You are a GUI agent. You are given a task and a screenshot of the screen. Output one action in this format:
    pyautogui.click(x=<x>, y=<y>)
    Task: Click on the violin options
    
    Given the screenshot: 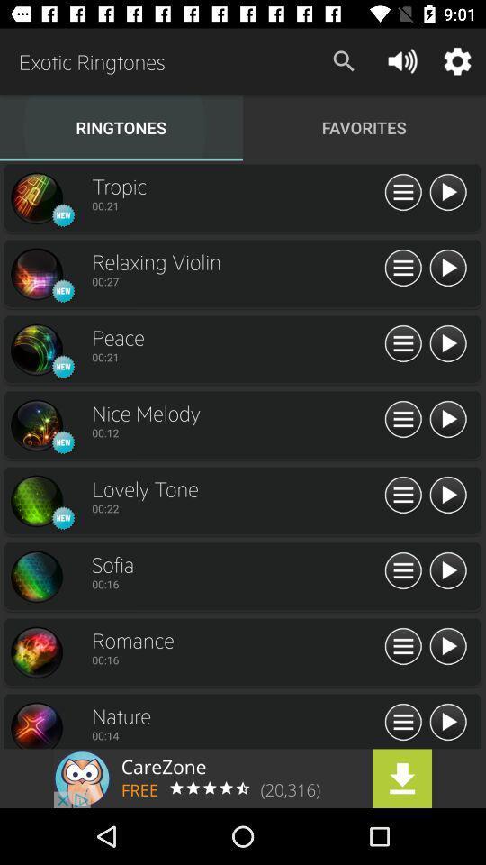 What is the action you would take?
    pyautogui.click(x=403, y=268)
    